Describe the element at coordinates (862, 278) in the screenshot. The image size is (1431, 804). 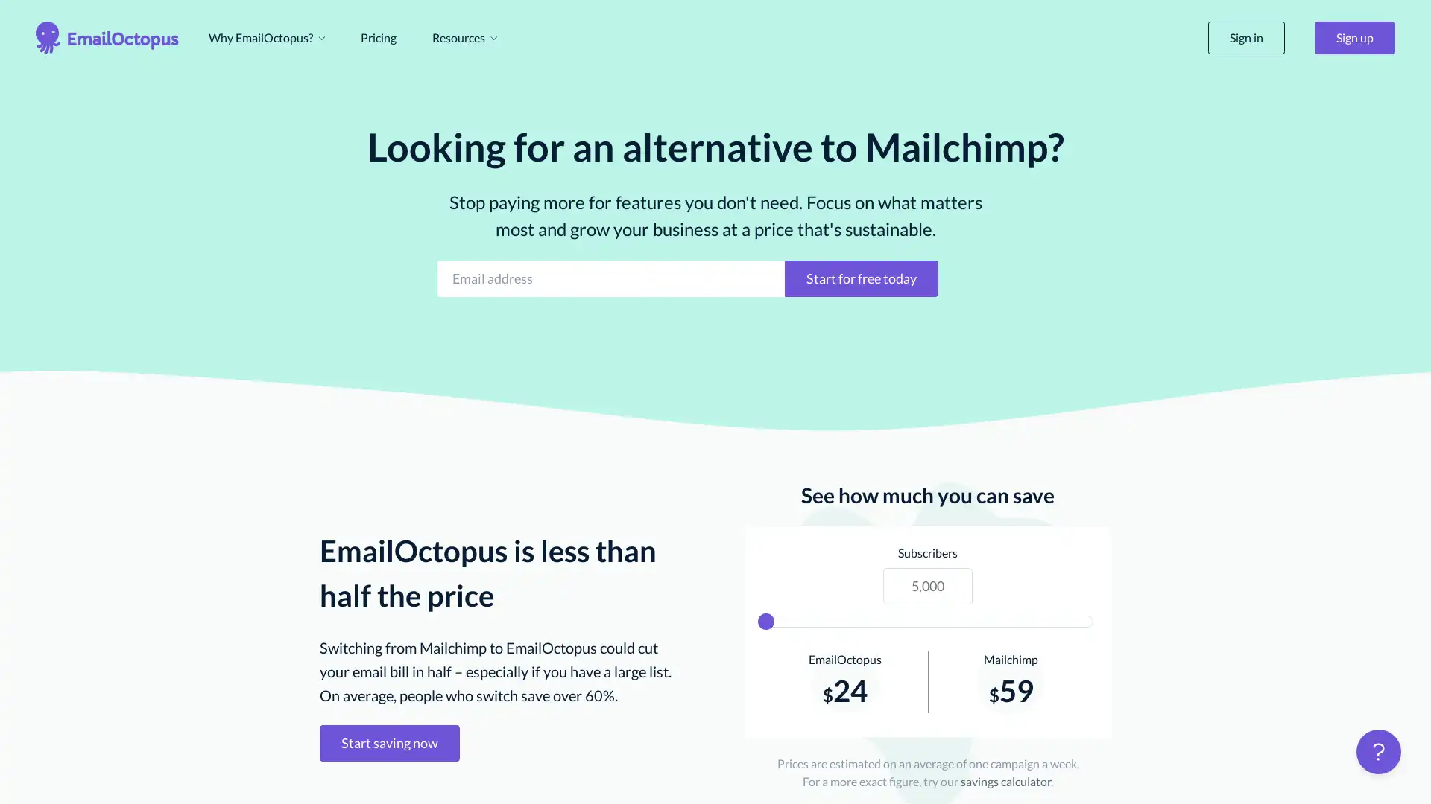
I see `Start for free today` at that location.